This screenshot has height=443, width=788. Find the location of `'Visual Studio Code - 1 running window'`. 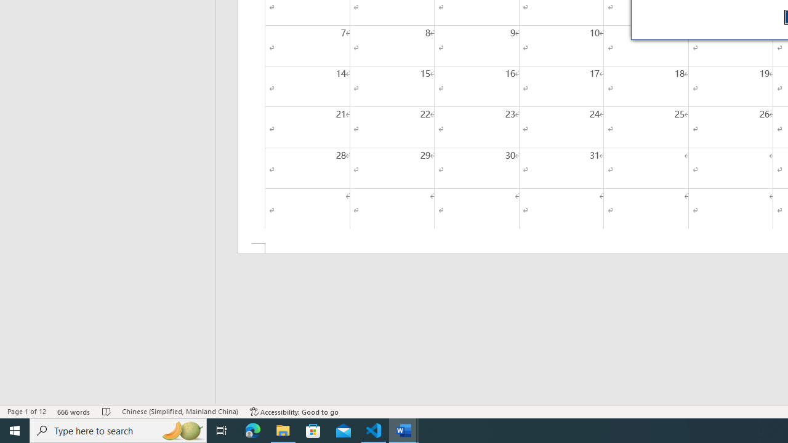

'Visual Studio Code - 1 running window' is located at coordinates (373, 429).